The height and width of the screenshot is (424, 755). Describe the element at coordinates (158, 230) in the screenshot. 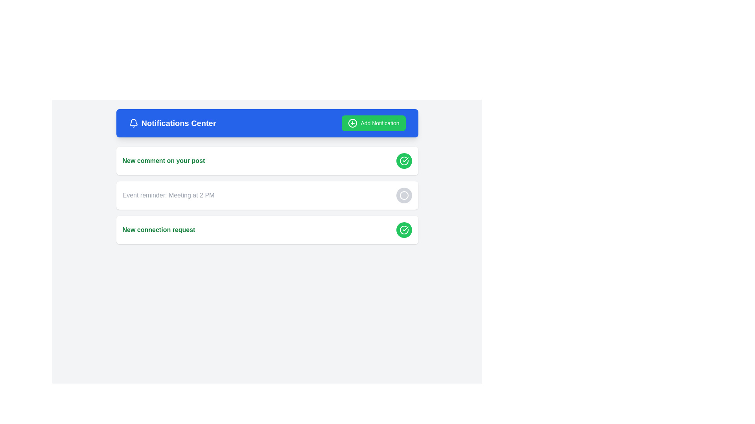

I see `the text label that reads 'New connection request' in the third notification card of the Notifications Center, which is styled with bold green text and located beside a circular icon` at that location.